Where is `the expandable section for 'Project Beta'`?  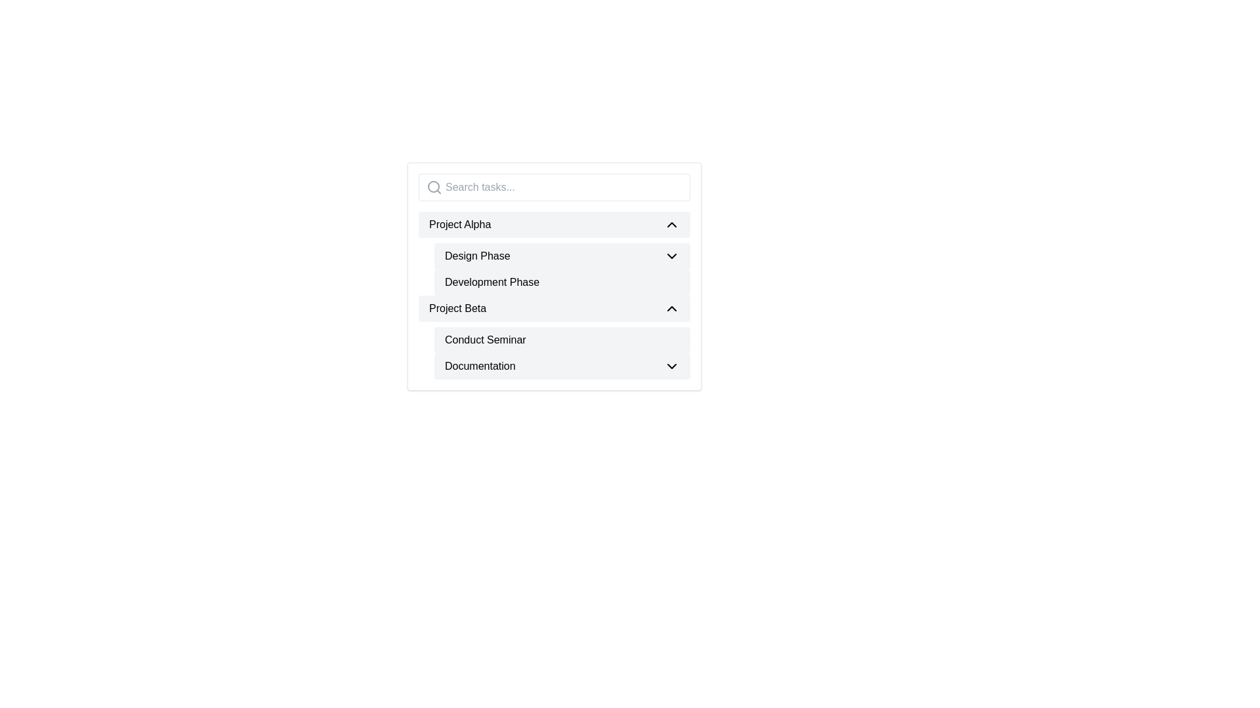 the expandable section for 'Project Beta' is located at coordinates (554, 337).